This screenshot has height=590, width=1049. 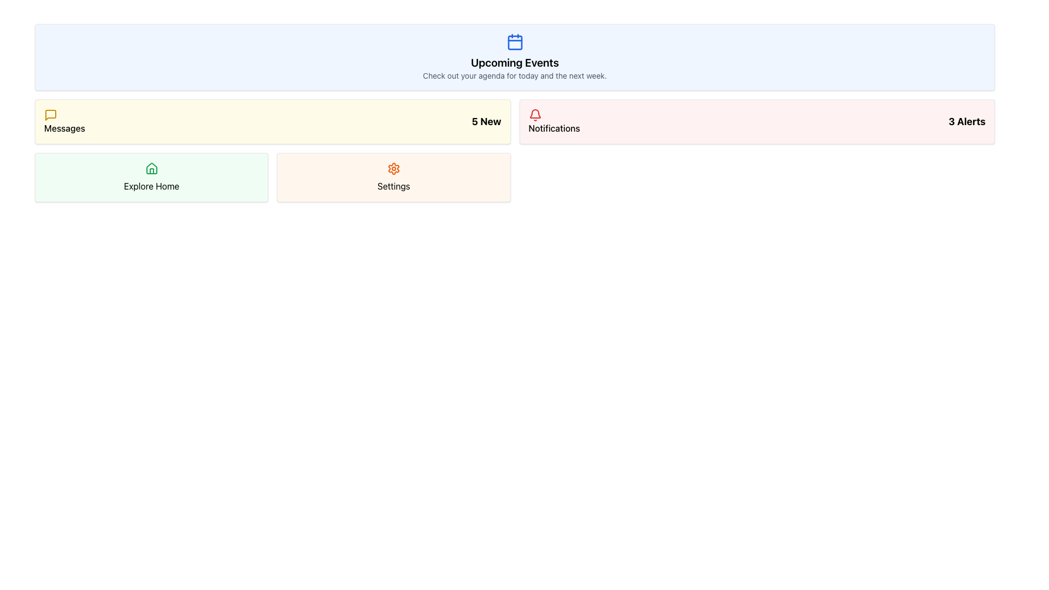 I want to click on the cog-shaped orange settings icon located within the 'Settings' card, which features a modern design with gear-like teeth, so click(x=393, y=168).